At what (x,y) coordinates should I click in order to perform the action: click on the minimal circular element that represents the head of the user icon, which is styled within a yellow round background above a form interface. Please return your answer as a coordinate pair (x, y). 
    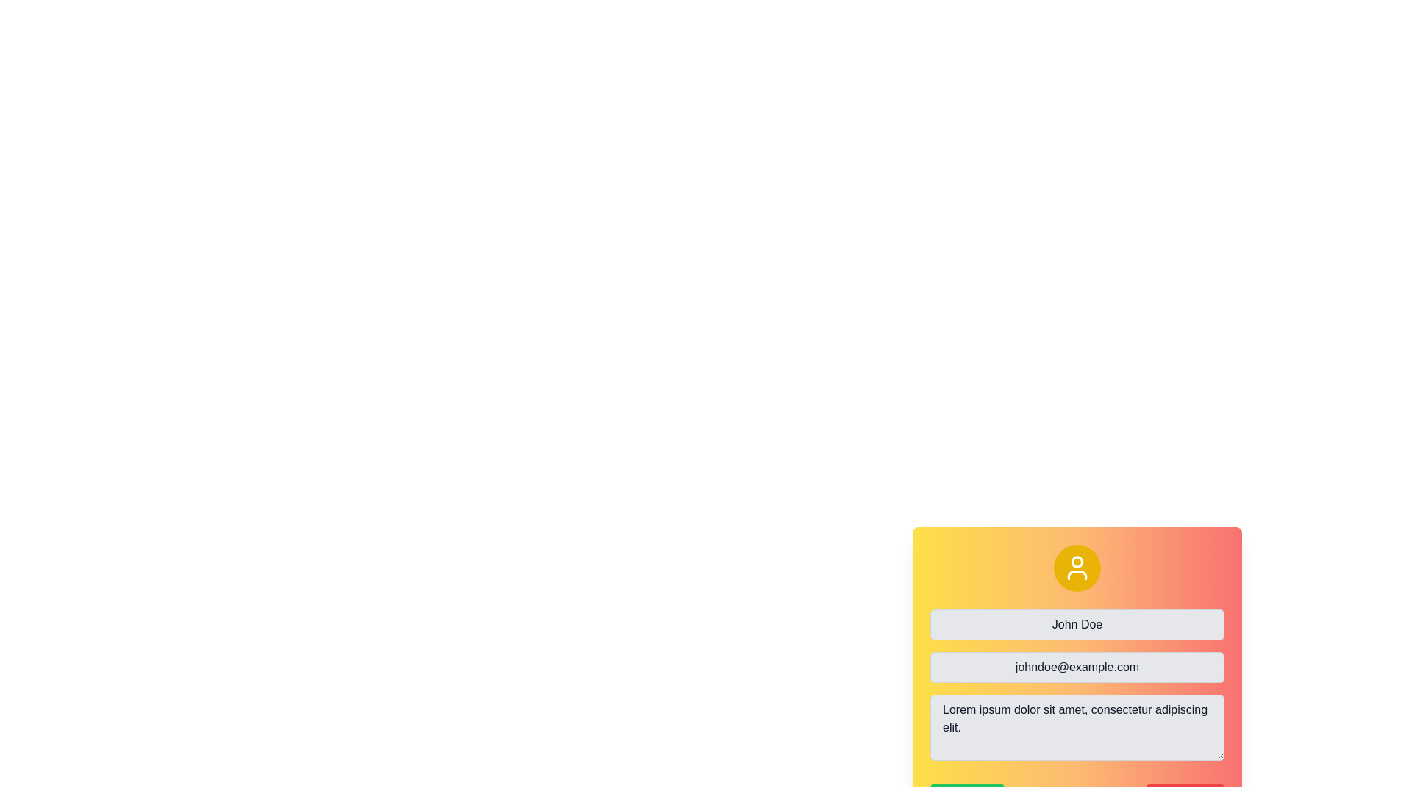
    Looking at the image, I should click on (1077, 561).